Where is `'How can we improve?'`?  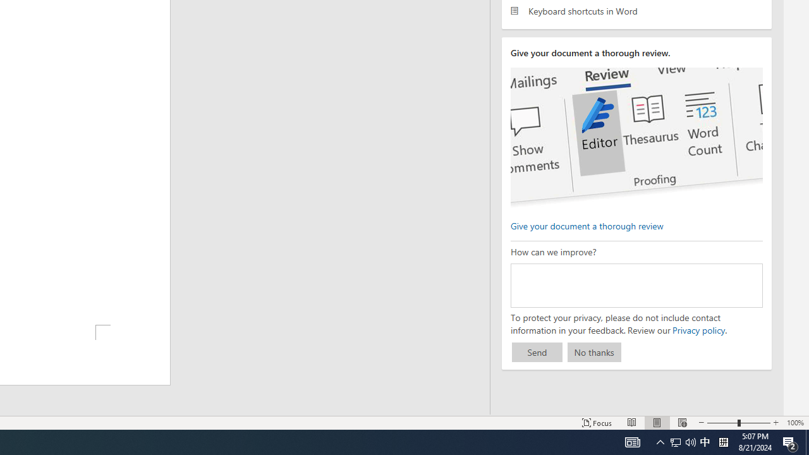
'How can we improve?' is located at coordinates (636, 285).